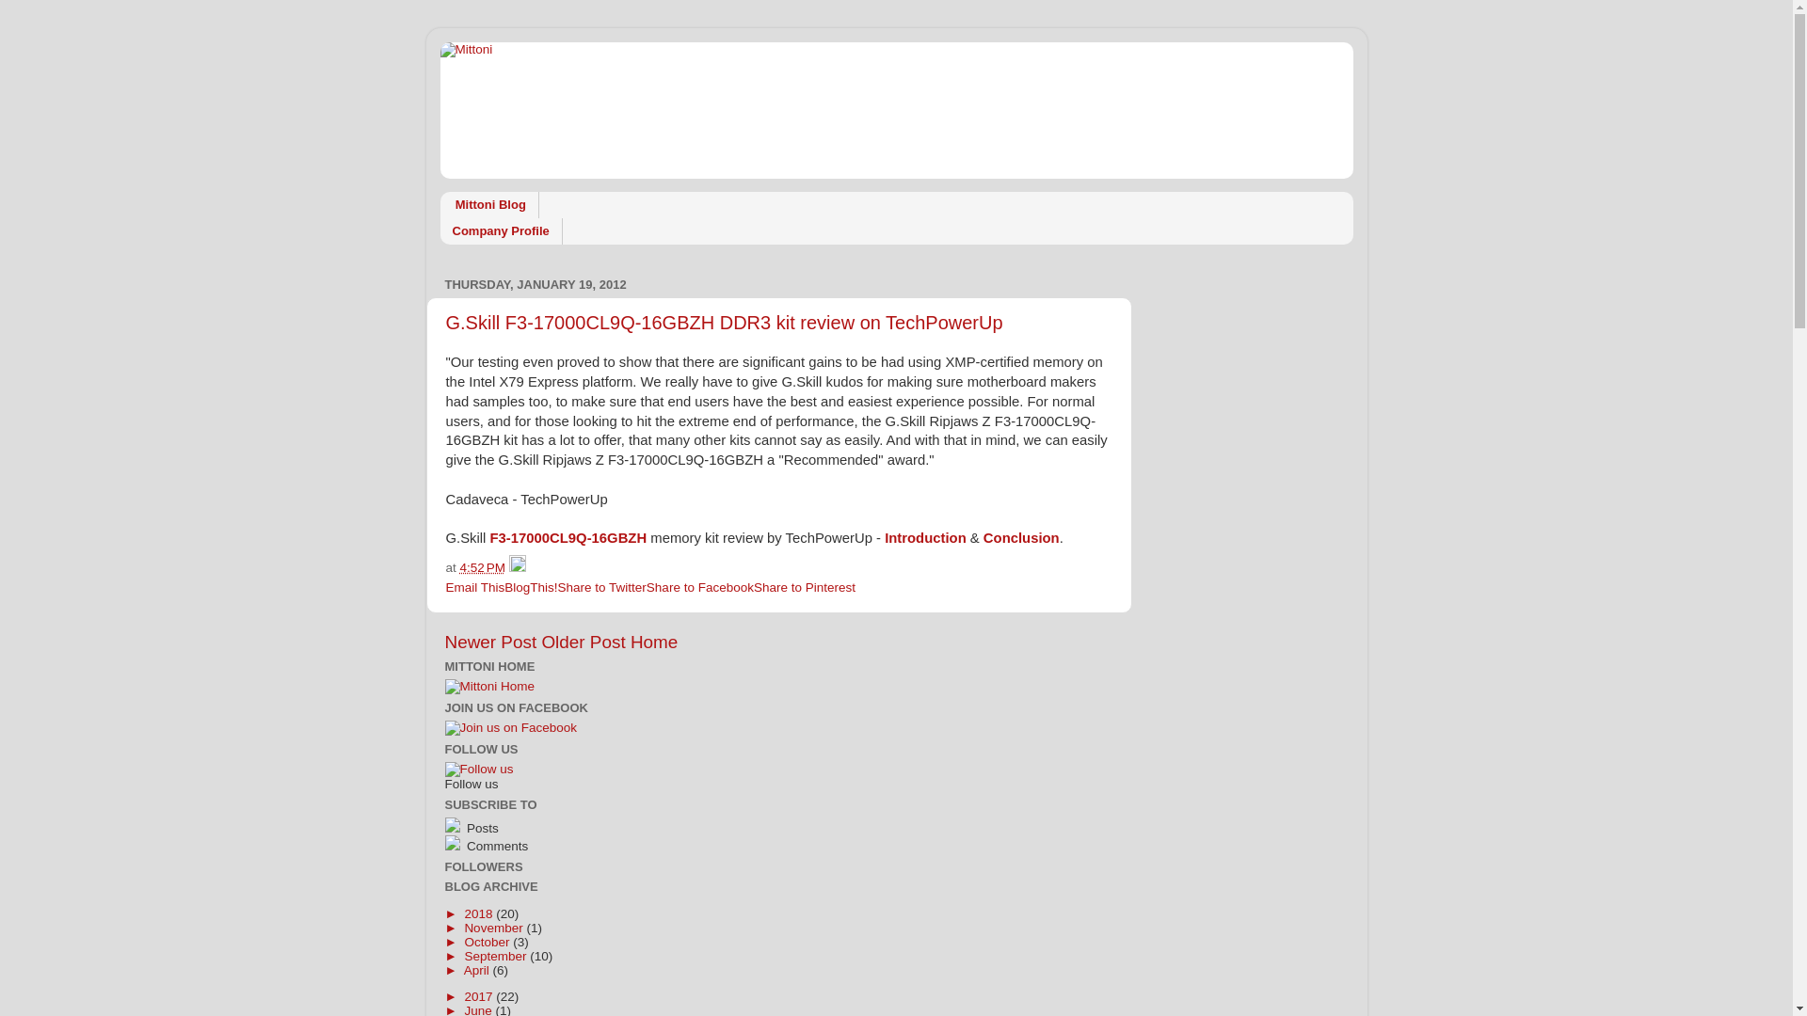  I want to click on 'April', so click(478, 970).